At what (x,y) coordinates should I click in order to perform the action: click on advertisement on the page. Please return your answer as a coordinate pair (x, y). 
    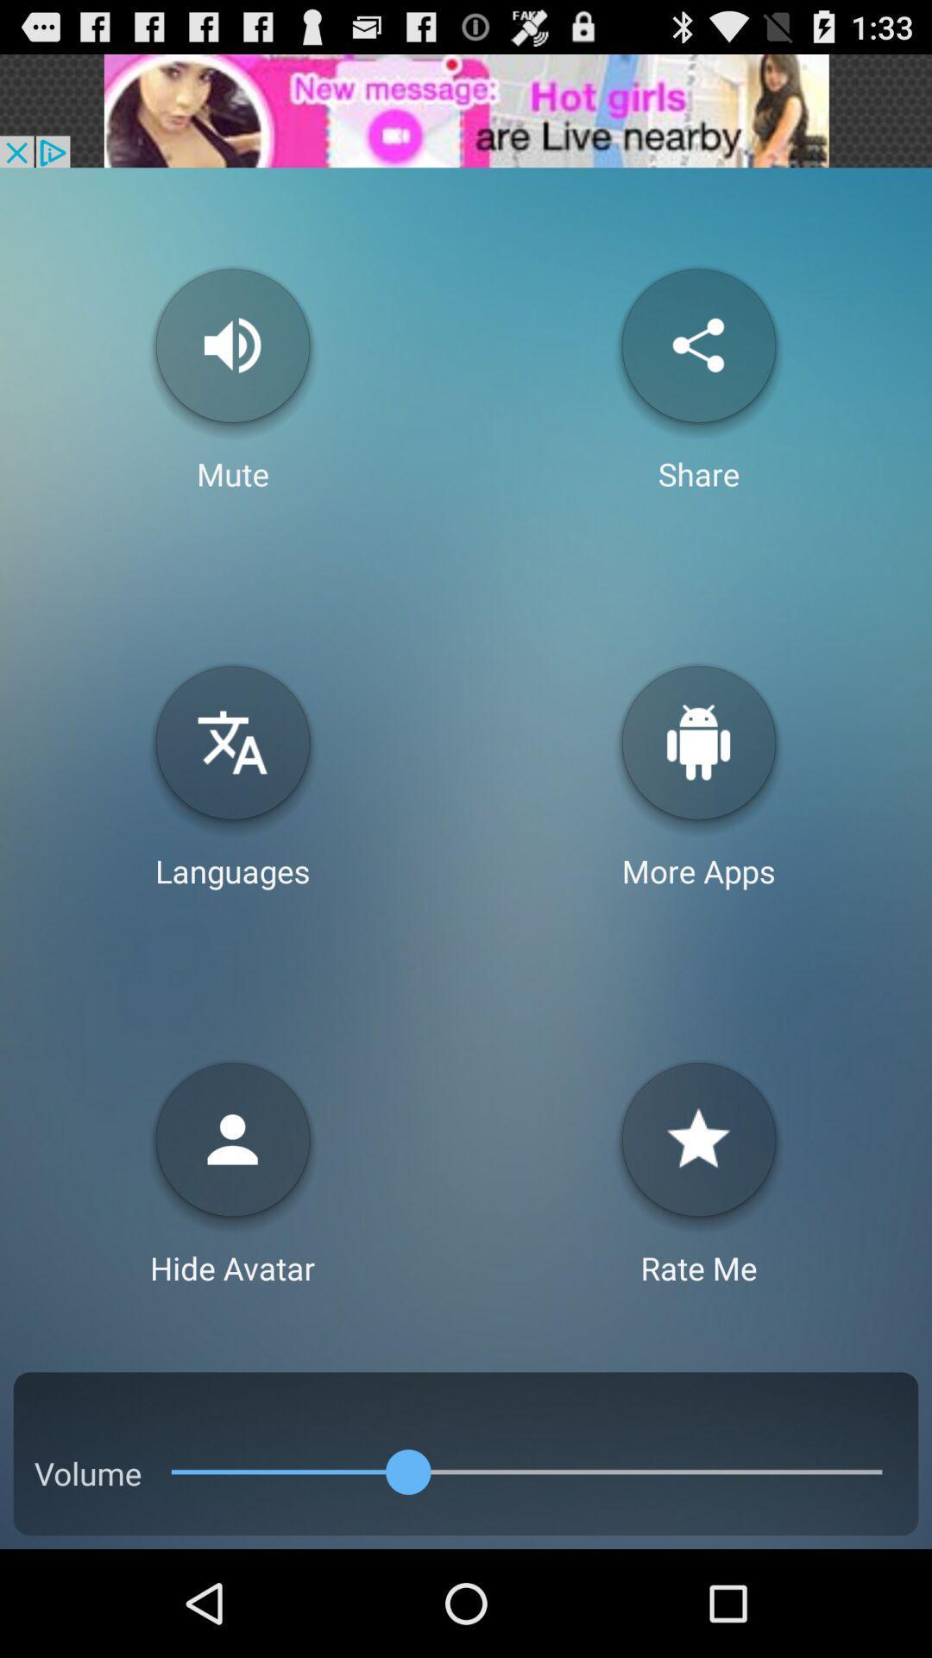
    Looking at the image, I should click on (466, 110).